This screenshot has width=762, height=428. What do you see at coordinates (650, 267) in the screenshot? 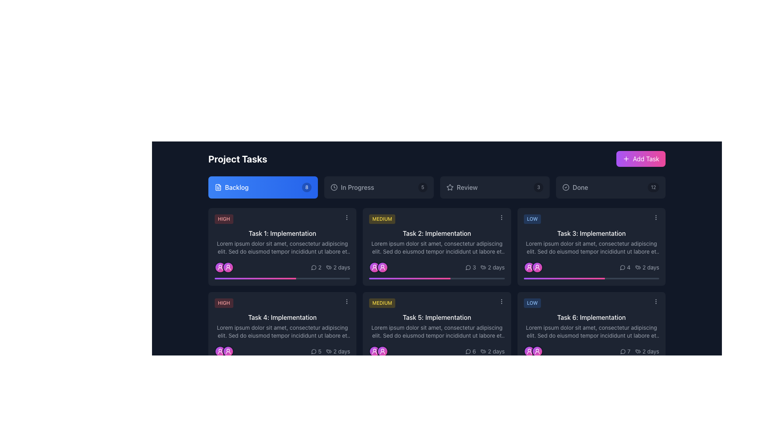
I see `the text label '2 days' styled in gray, located in the lower right corner of the task card labeled 'Task 3: Implementation' within the 'Done' section` at bounding box center [650, 267].